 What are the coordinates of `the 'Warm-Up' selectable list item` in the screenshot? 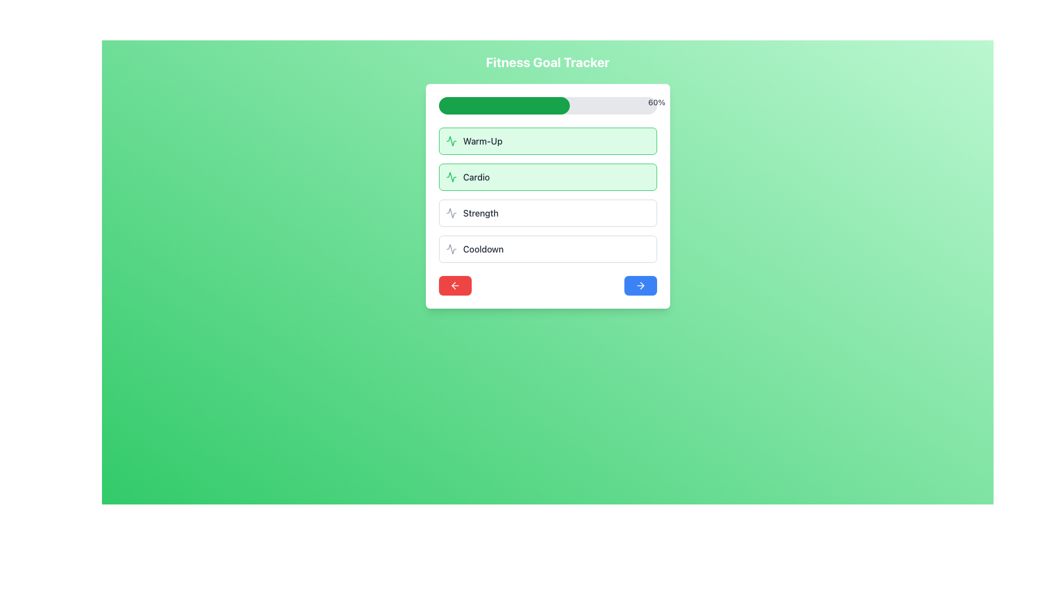 It's located at (547, 140).